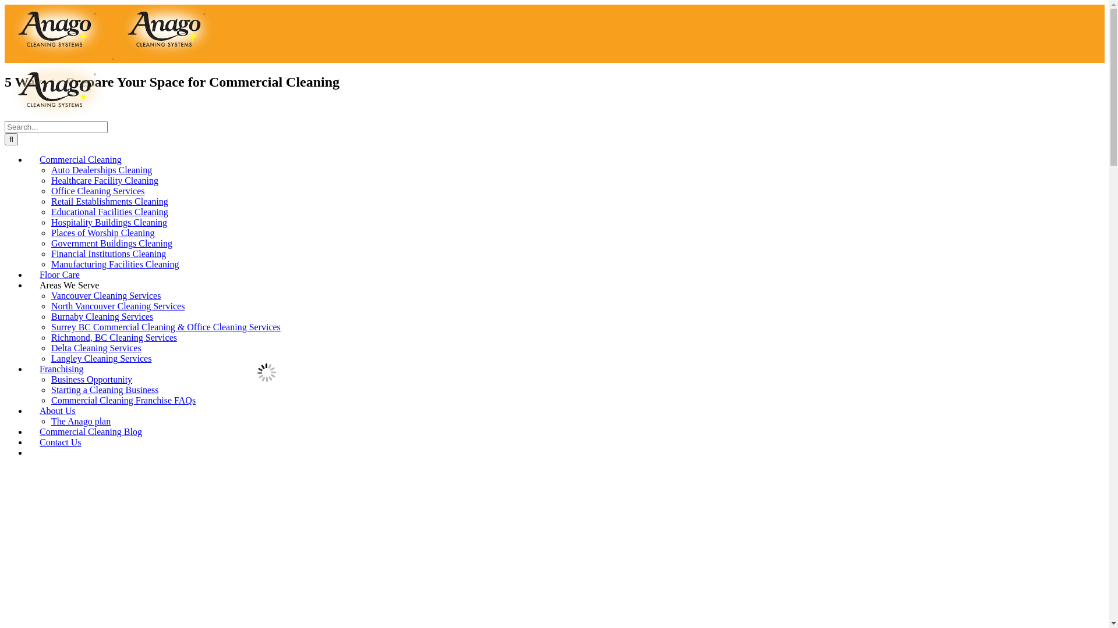  Describe the element at coordinates (59, 274) in the screenshot. I see `'Floor Care'` at that location.